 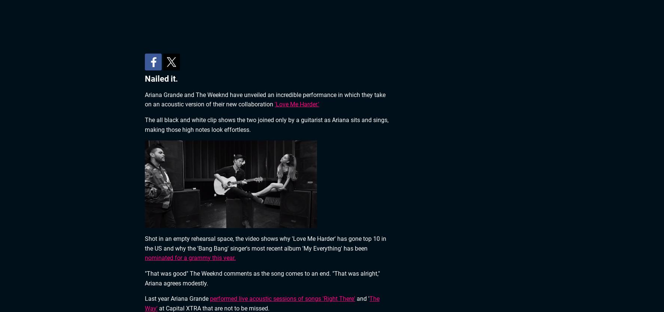 I want to click on '"That was good" The Weeknd comments as the song comes to an end. "That was alright," Ariana agrees modestly.', so click(x=144, y=278).